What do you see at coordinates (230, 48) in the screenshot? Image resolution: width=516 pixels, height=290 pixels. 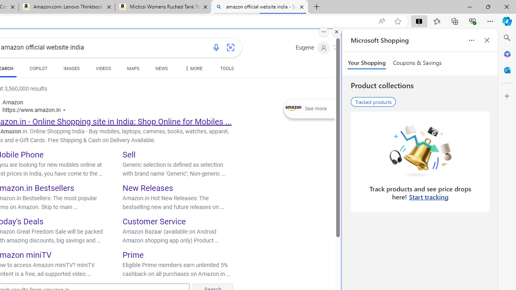 I see `'Search using an image'` at bounding box center [230, 48].